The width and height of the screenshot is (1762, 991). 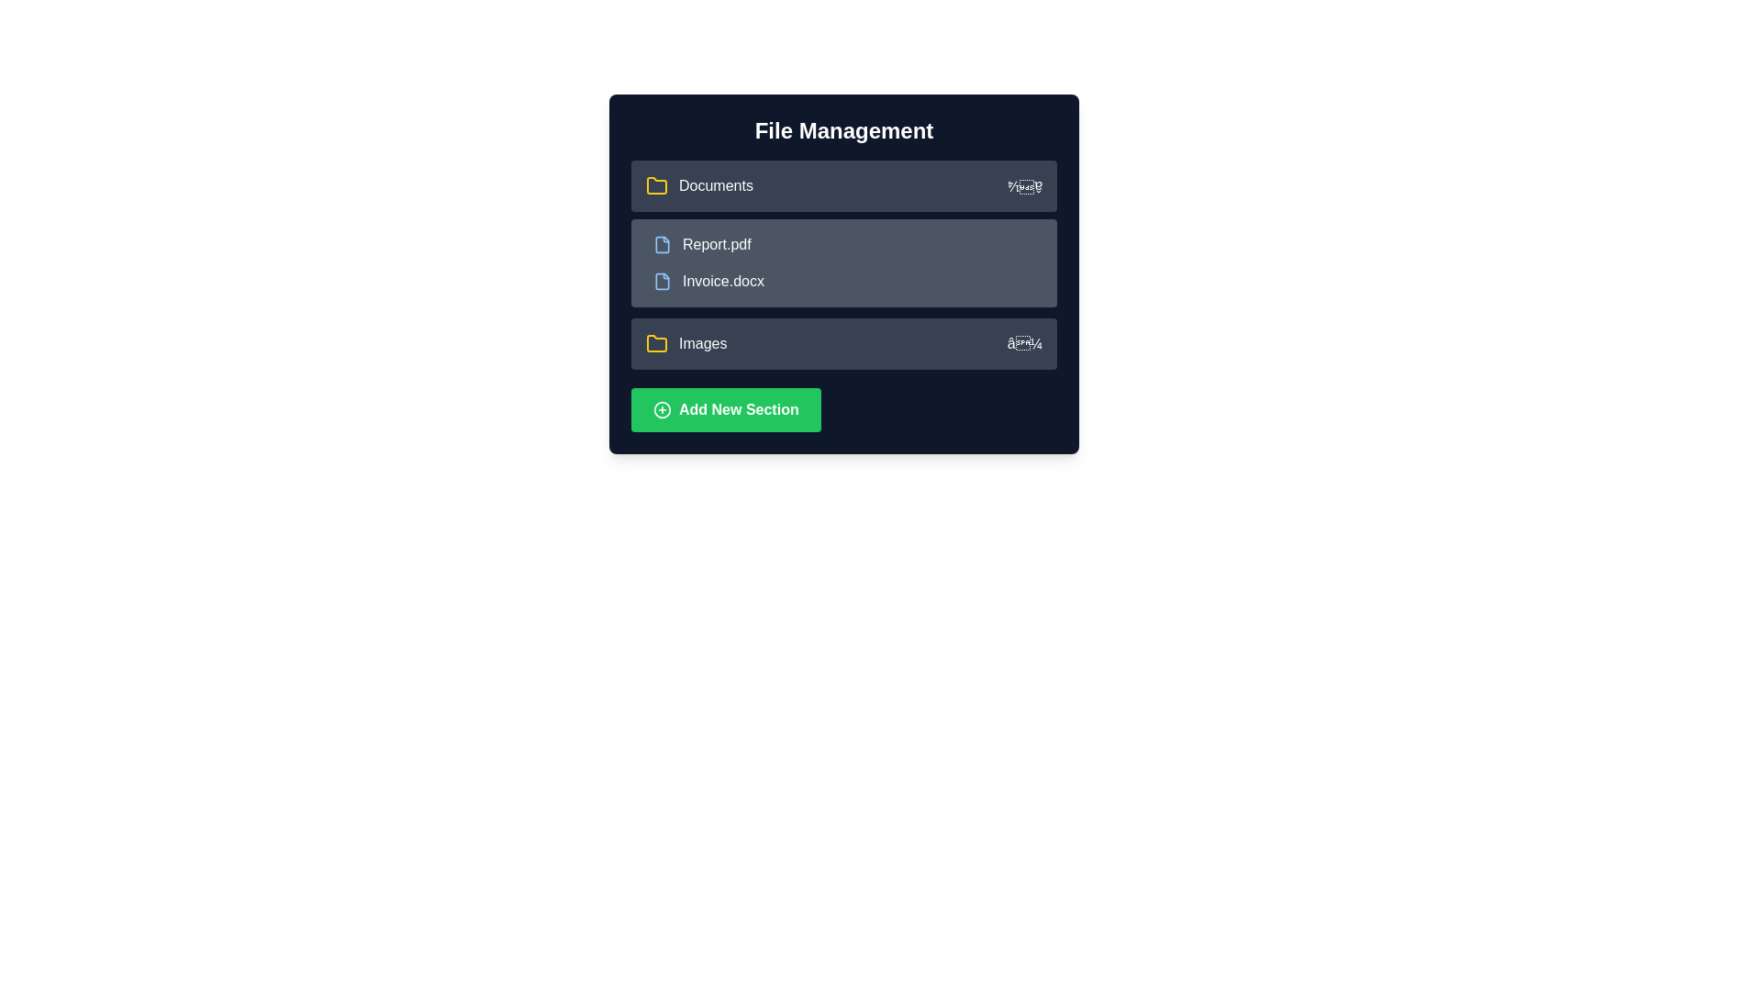 What do you see at coordinates (1023, 186) in the screenshot?
I see `the expand/collapse Decorator located at the far right of the 'Documents' block in the 'File Management' interface` at bounding box center [1023, 186].